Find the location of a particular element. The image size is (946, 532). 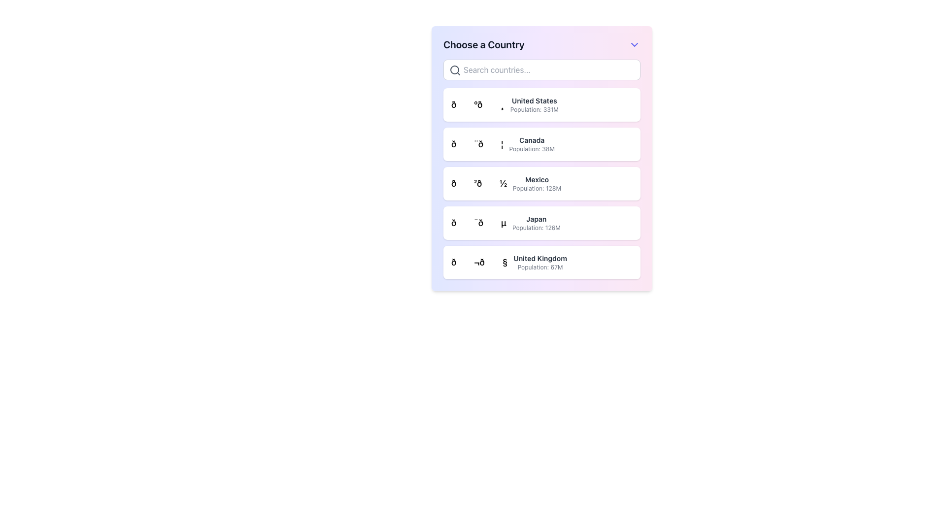

text element displaying 'United States' and its population in the dropdown menu using developer tools is located at coordinates (534, 104).